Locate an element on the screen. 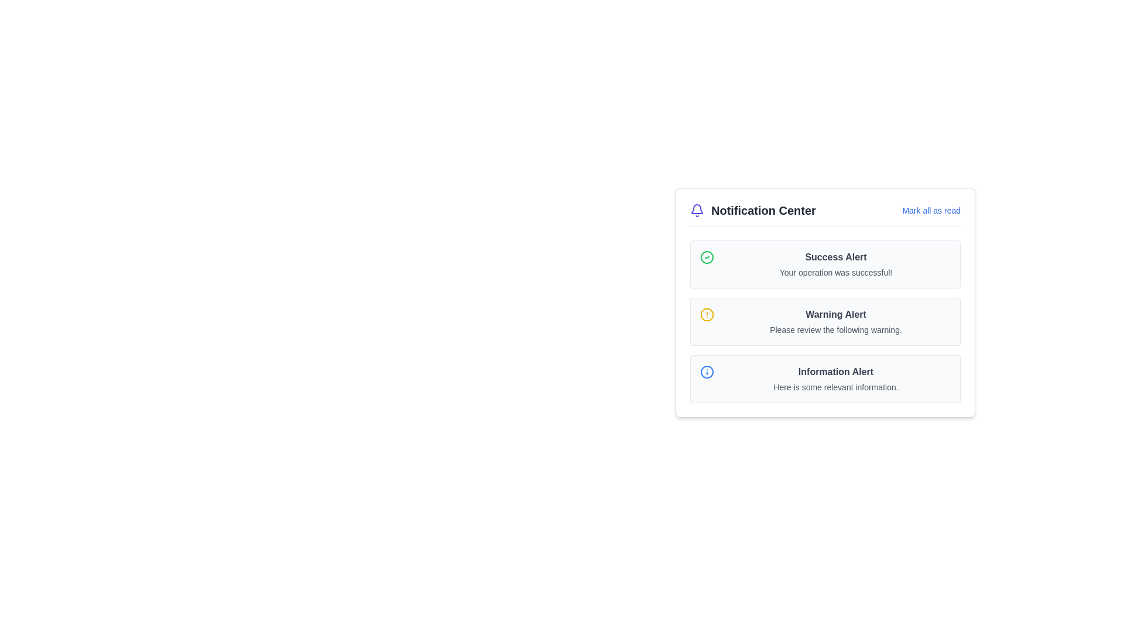 This screenshot has width=1124, height=632. the circular icon with a blue border and a white background, which is part of the 'Information Alert' row in the 'Notification Center' panel is located at coordinates (707, 372).